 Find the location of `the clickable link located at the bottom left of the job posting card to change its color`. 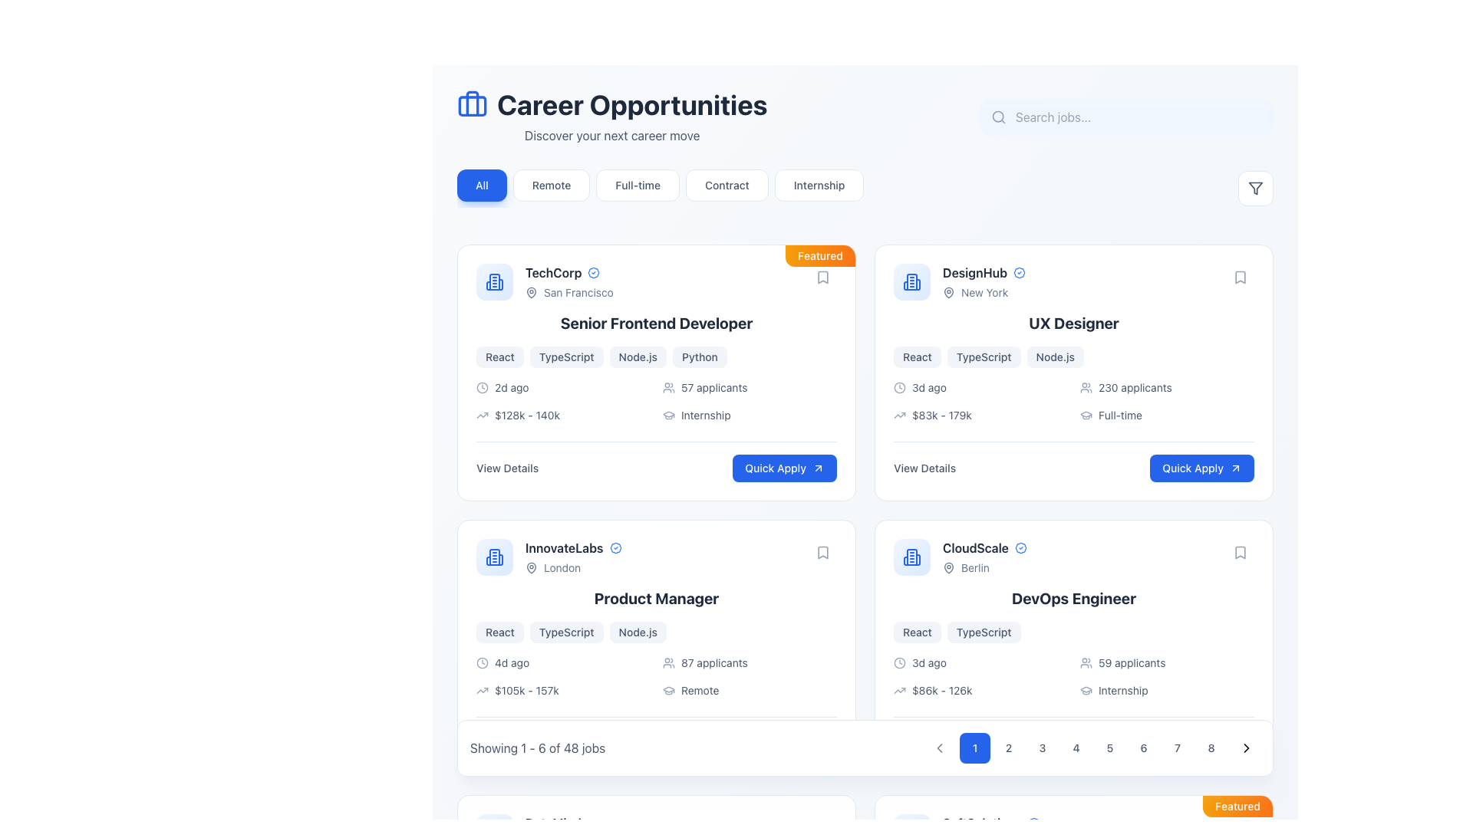

the clickable link located at the bottom left of the job posting card to change its color is located at coordinates (507, 467).